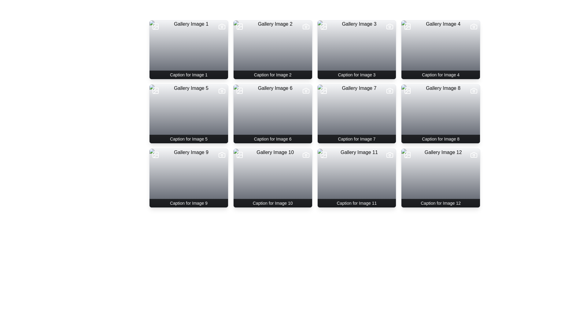 Image resolution: width=587 pixels, height=330 pixels. I want to click on the camera-shaped icon located in the upper-right corner of the 'Gallery Image 7' tile as a static decoration, so click(389, 91).